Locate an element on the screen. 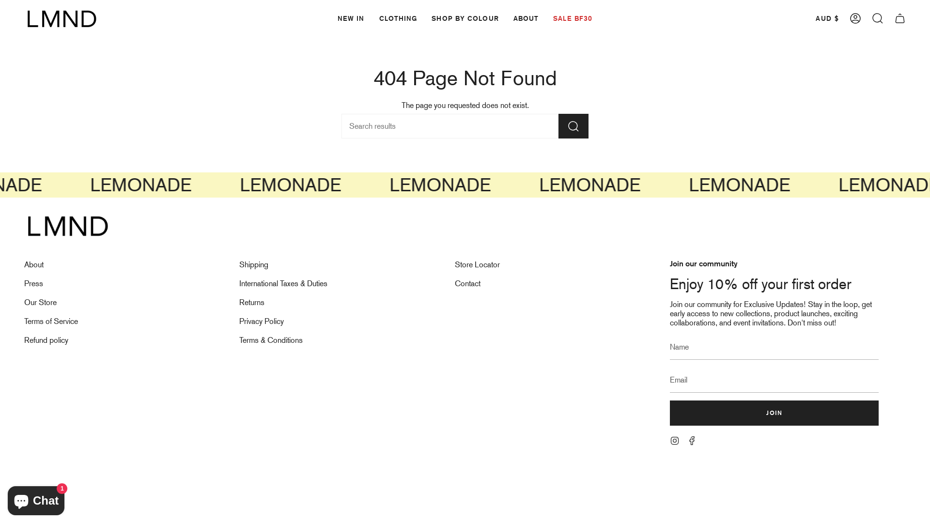  'ACCOUNT' is located at coordinates (855, 18).